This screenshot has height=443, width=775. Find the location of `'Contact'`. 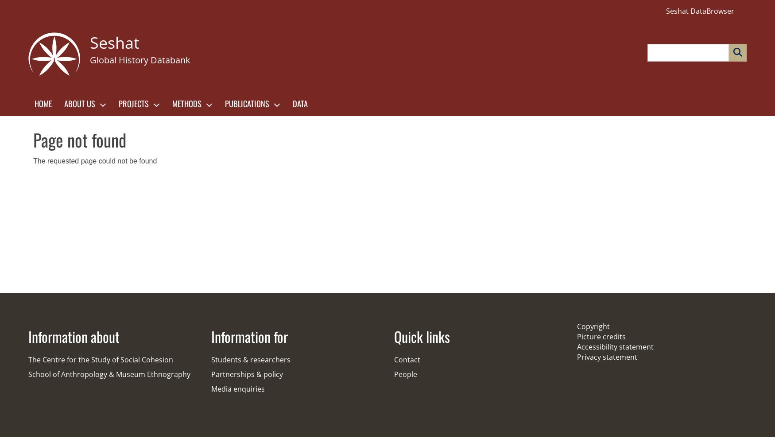

'Contact' is located at coordinates (407, 360).